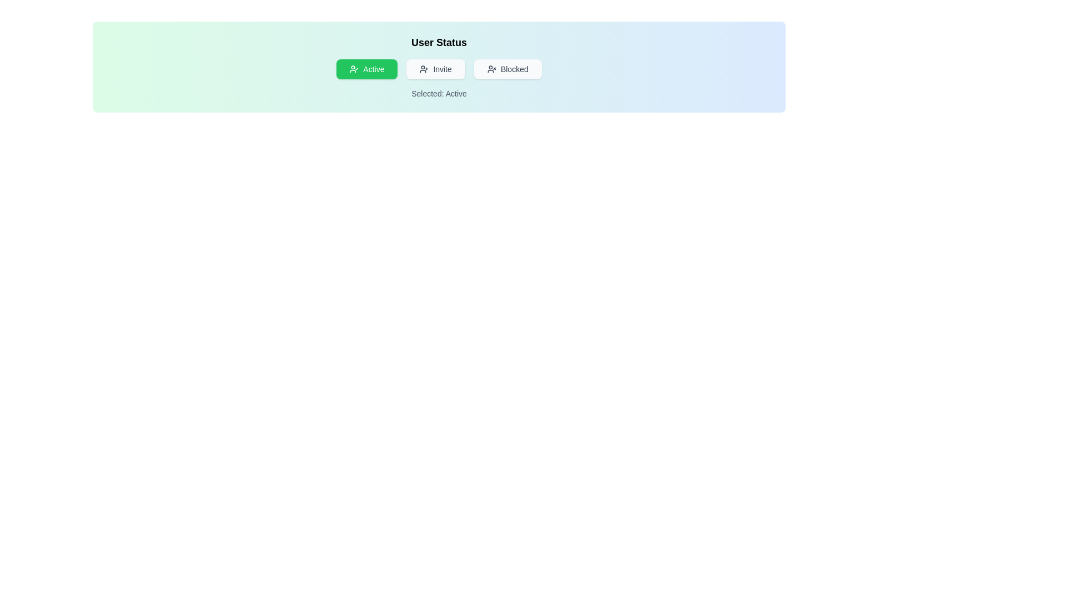 This screenshot has height=599, width=1066. I want to click on the chip labeled Active, so click(367, 69).